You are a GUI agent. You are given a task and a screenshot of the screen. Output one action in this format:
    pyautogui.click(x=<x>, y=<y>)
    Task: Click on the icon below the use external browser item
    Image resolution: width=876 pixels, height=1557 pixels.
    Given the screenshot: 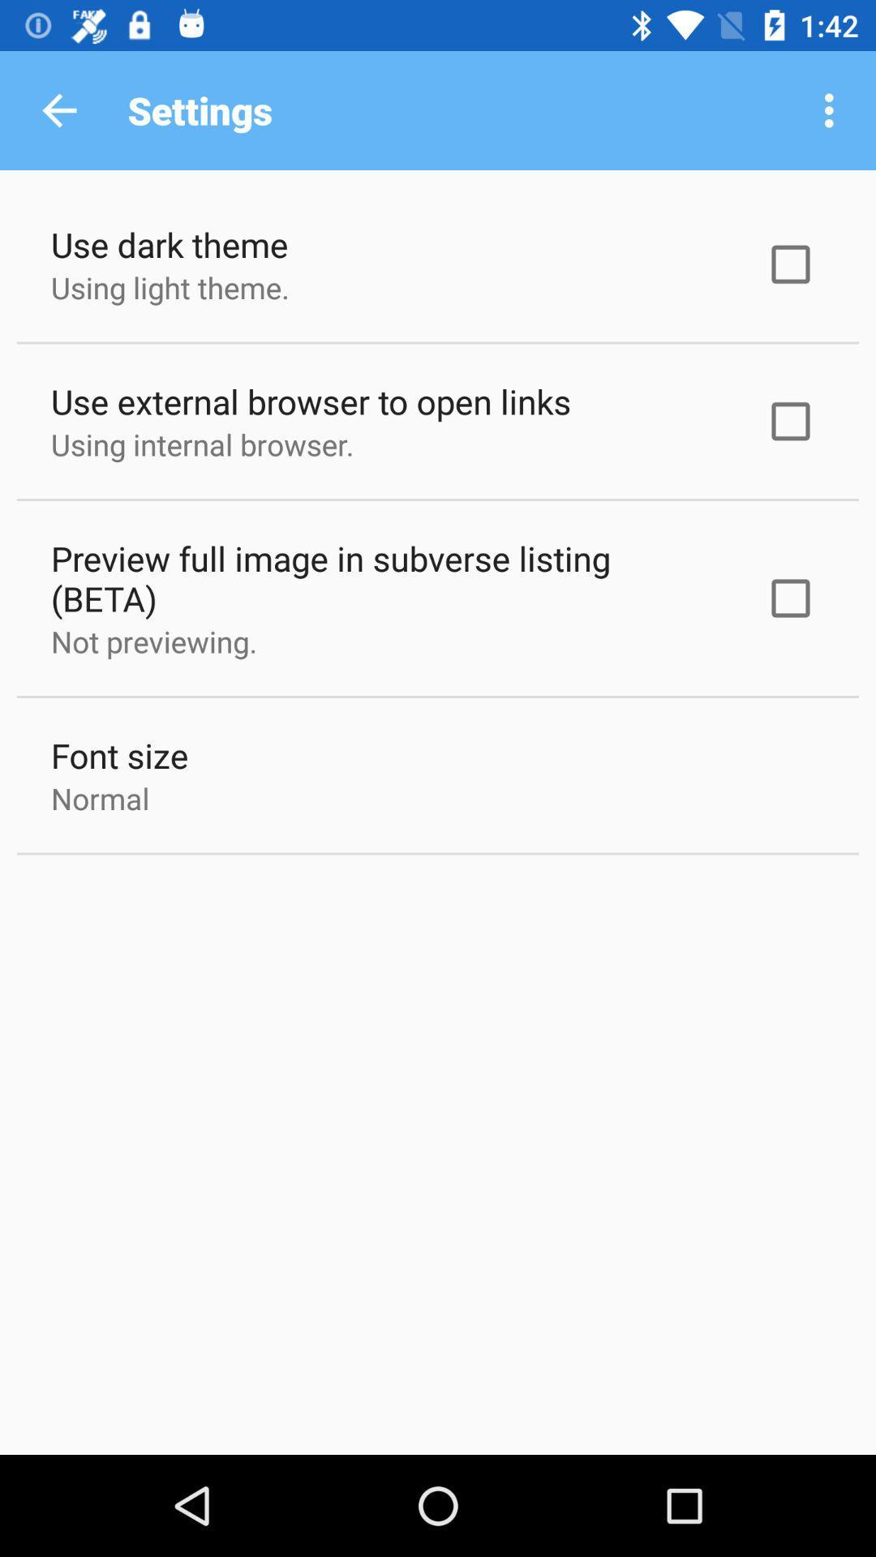 What is the action you would take?
    pyautogui.click(x=201, y=444)
    